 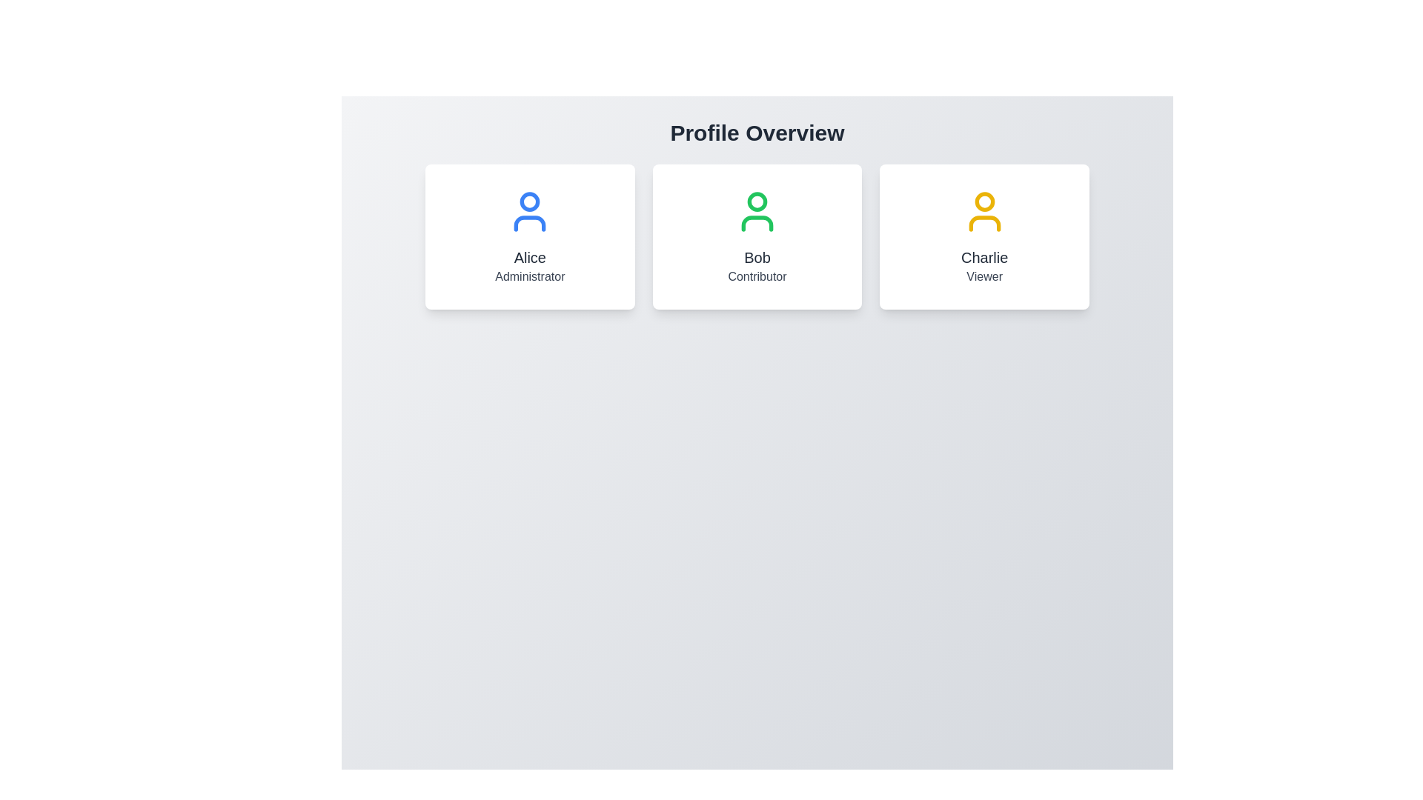 I want to click on the yellow-colored user profile icon, which is styled in minimalist line art design and positioned above the text labels 'Charlie' and 'Viewer' within the white card, so click(x=984, y=211).